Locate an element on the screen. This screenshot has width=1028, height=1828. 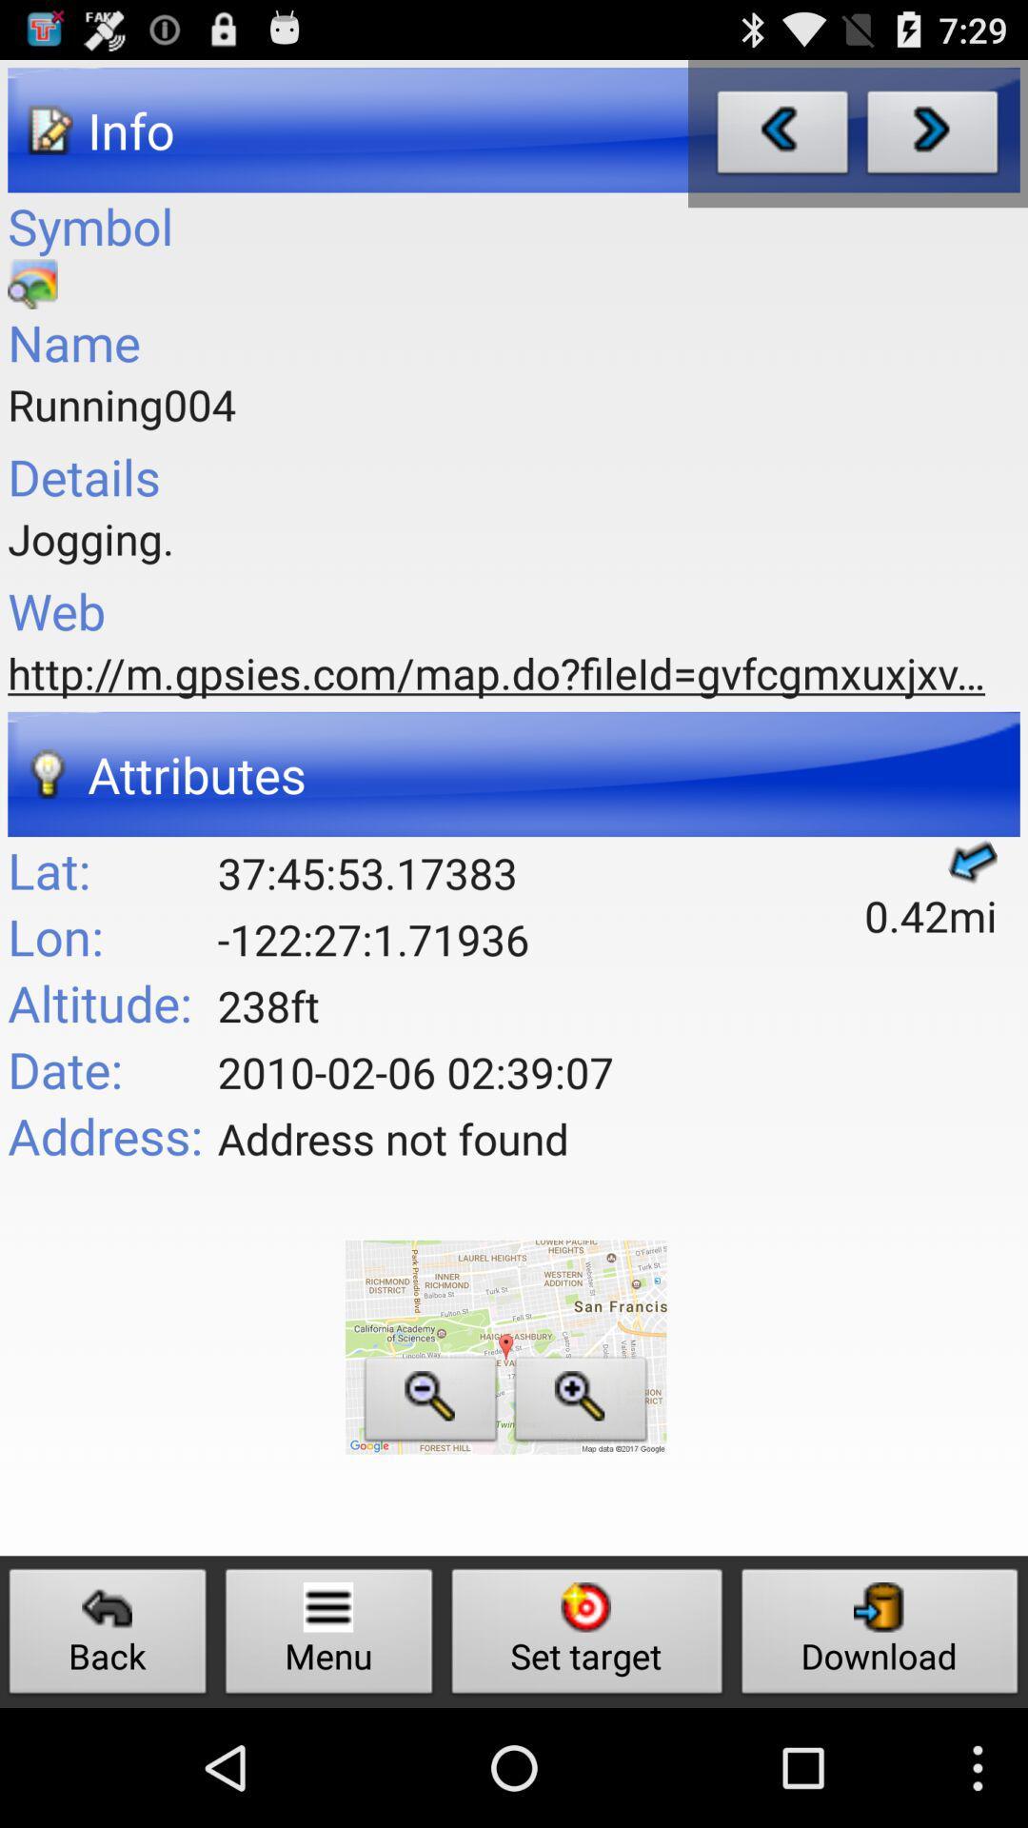
icon to the left of set target icon is located at coordinates (328, 1636).